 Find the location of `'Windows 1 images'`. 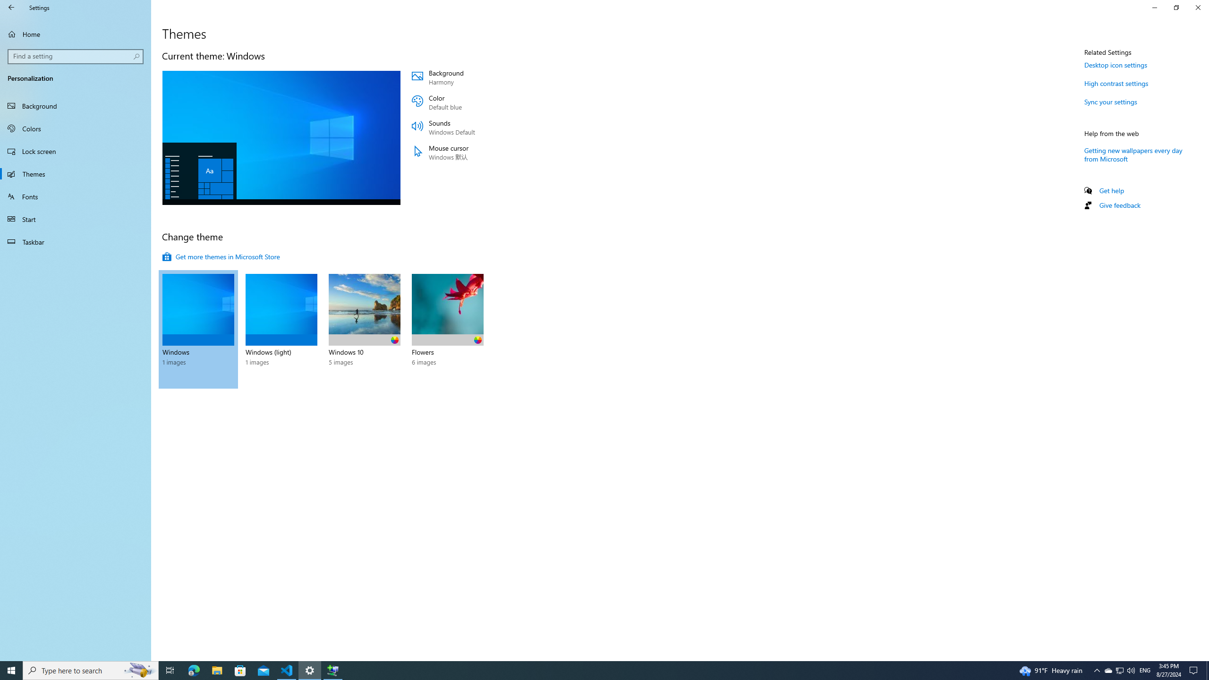

'Windows 1 images' is located at coordinates (198, 329).